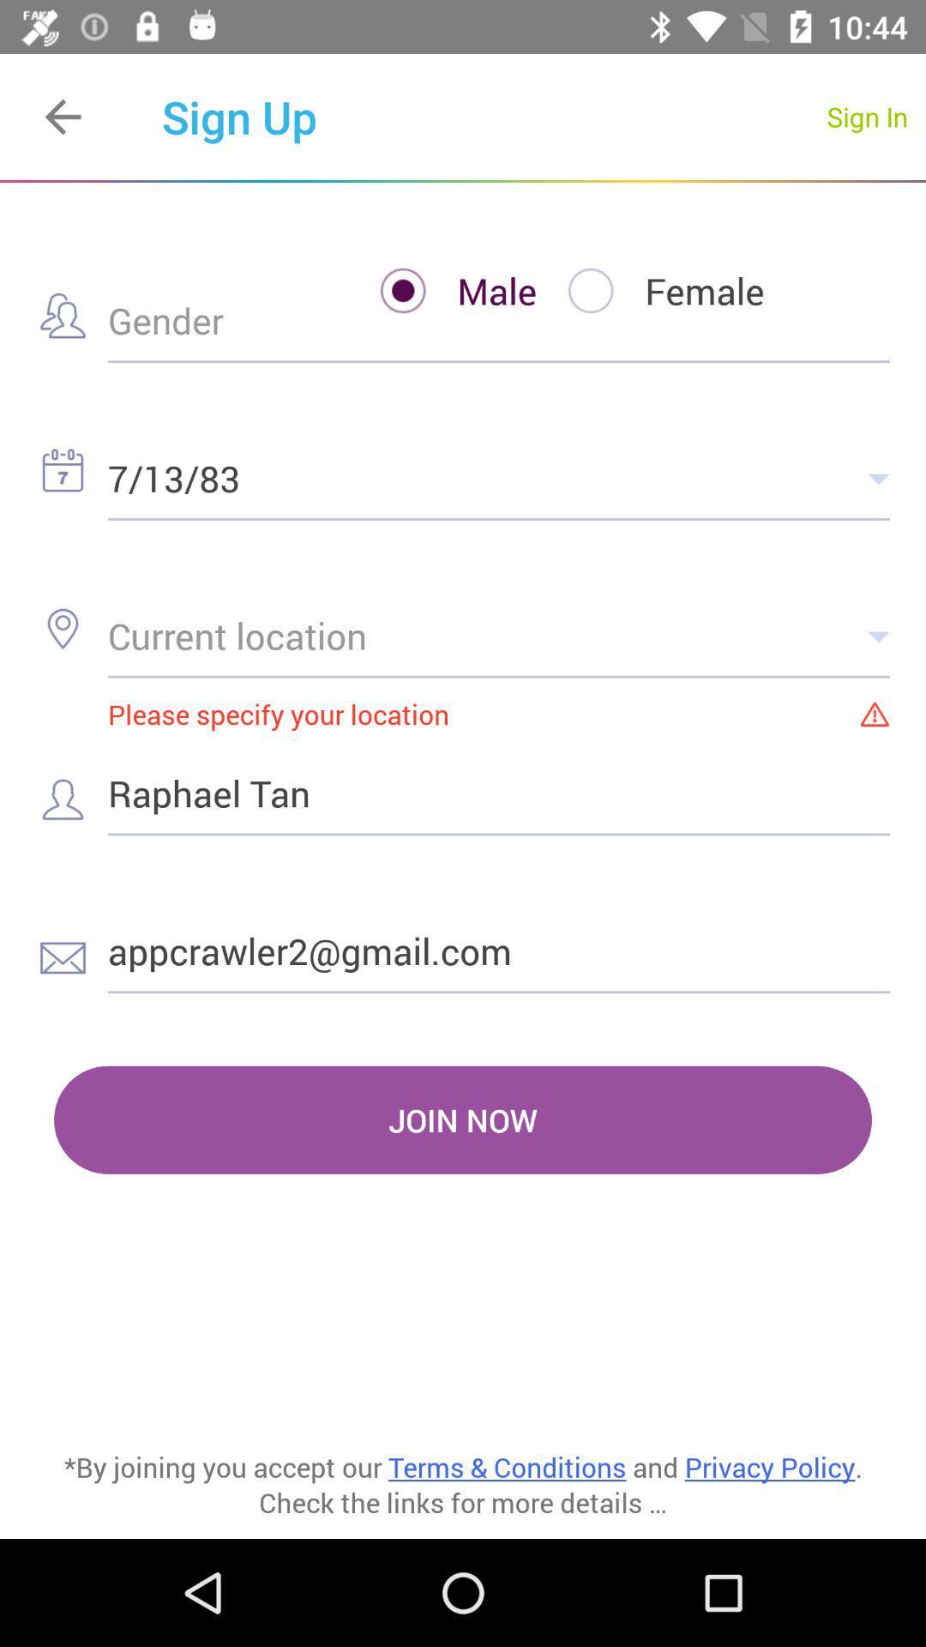 Image resolution: width=926 pixels, height=1647 pixels. I want to click on icon above appcrawler2@gmail.com item, so click(499, 792).